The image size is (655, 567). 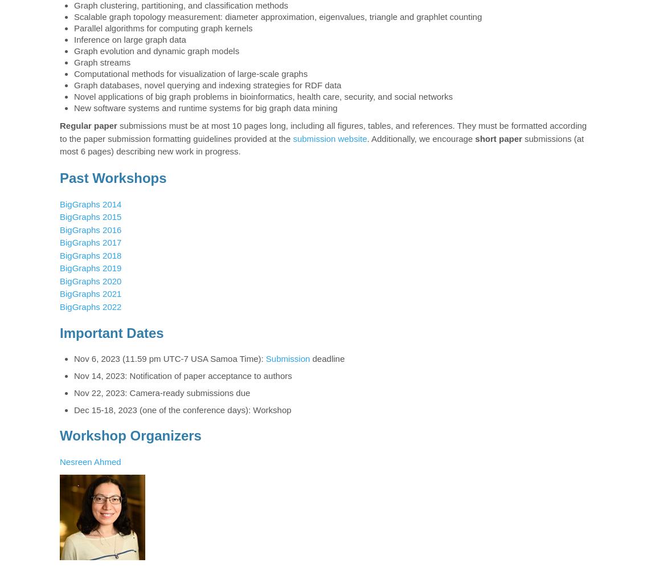 I want to click on 'Nov 14, 2023: Notification of paper acceptance to authors', so click(x=73, y=375).